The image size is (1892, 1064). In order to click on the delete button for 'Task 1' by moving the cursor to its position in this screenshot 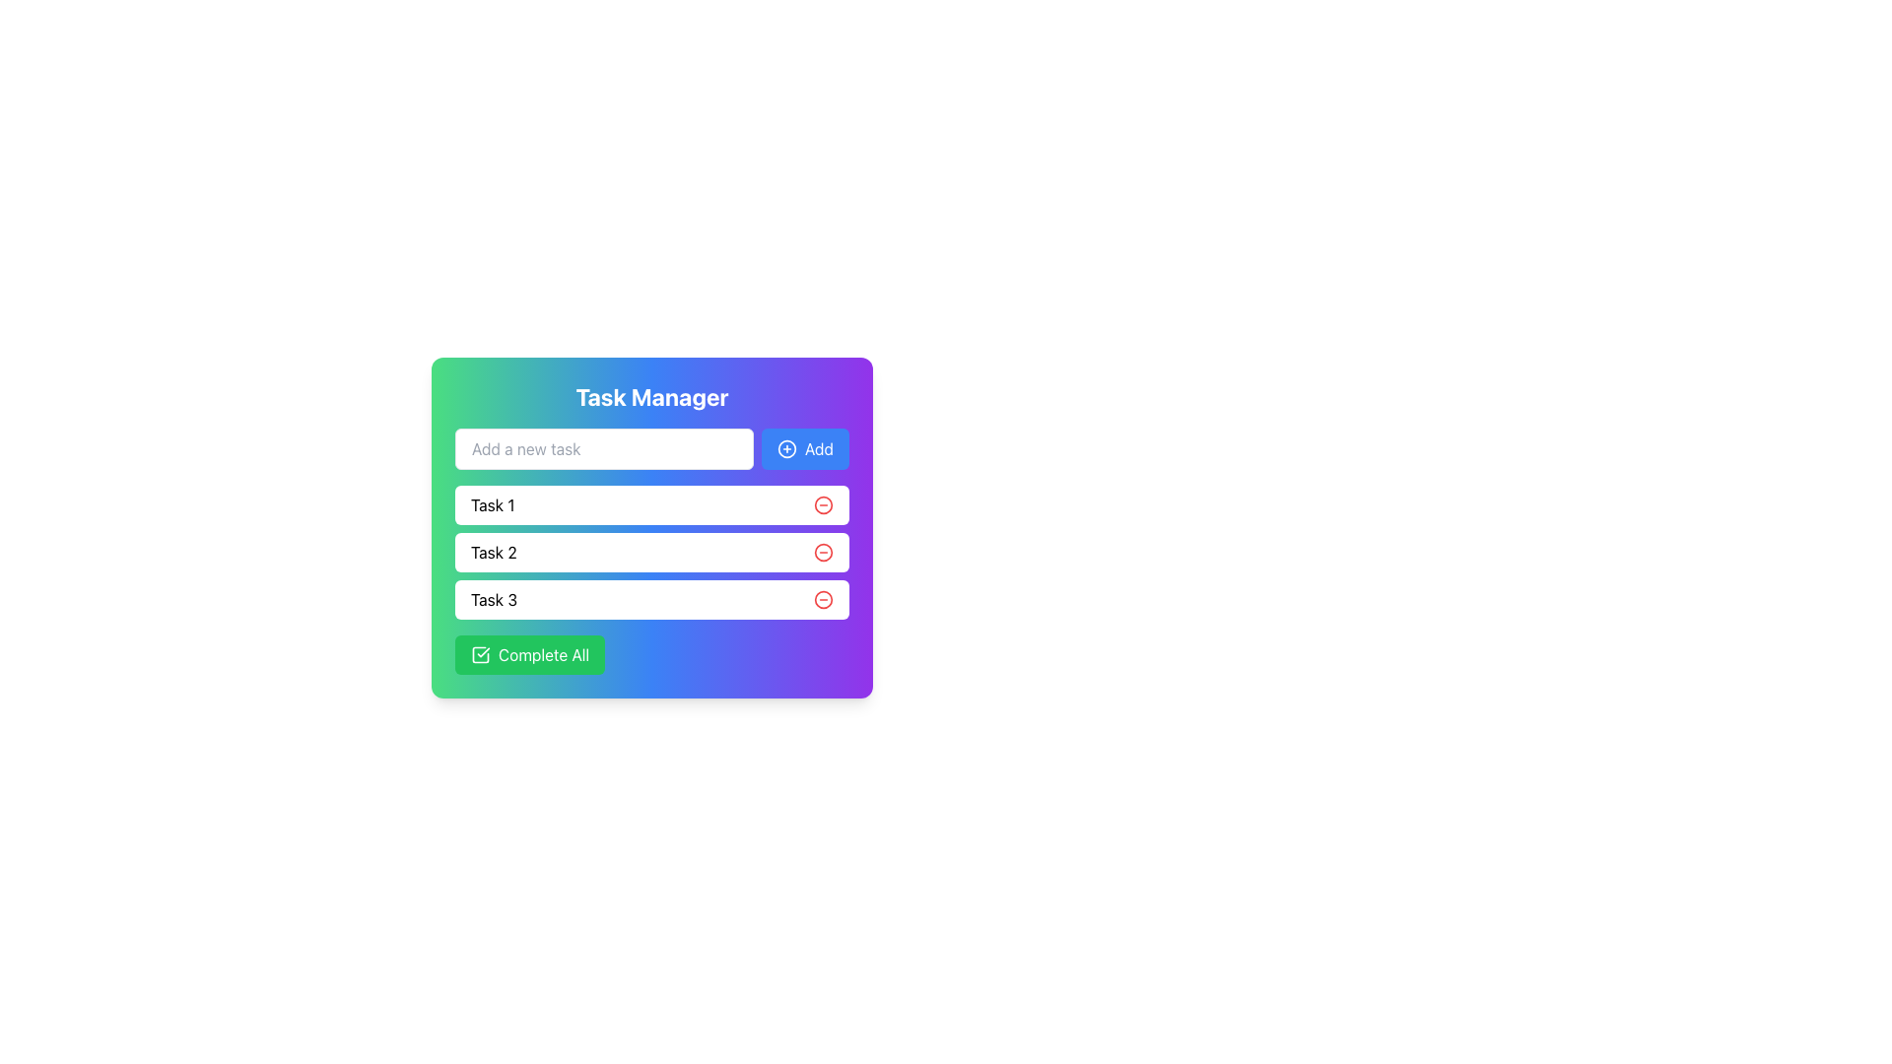, I will do `click(823, 504)`.